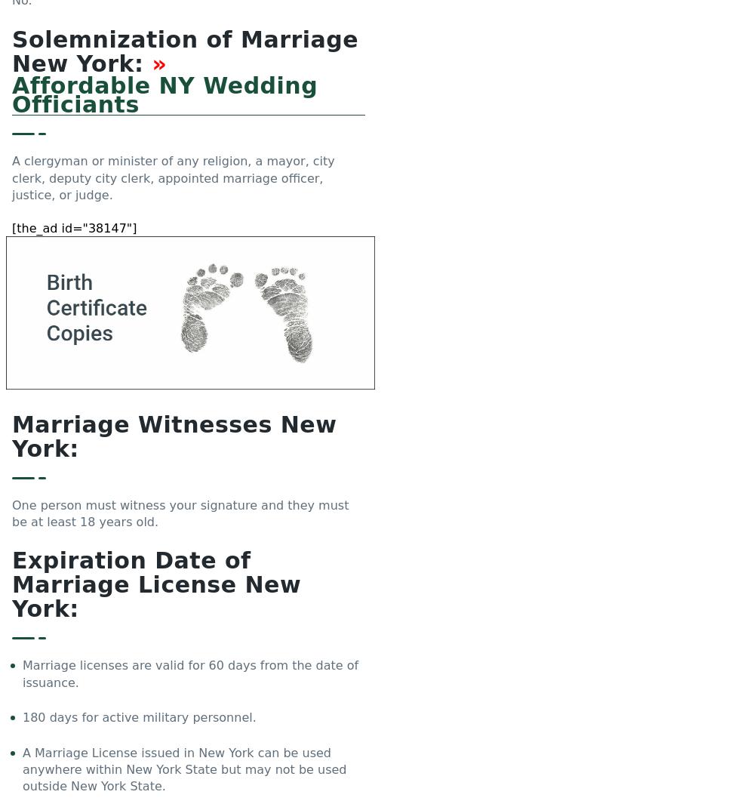 The height and width of the screenshot is (804, 738). Describe the element at coordinates (74, 227) in the screenshot. I see `'[the_ad id="38147"]'` at that location.